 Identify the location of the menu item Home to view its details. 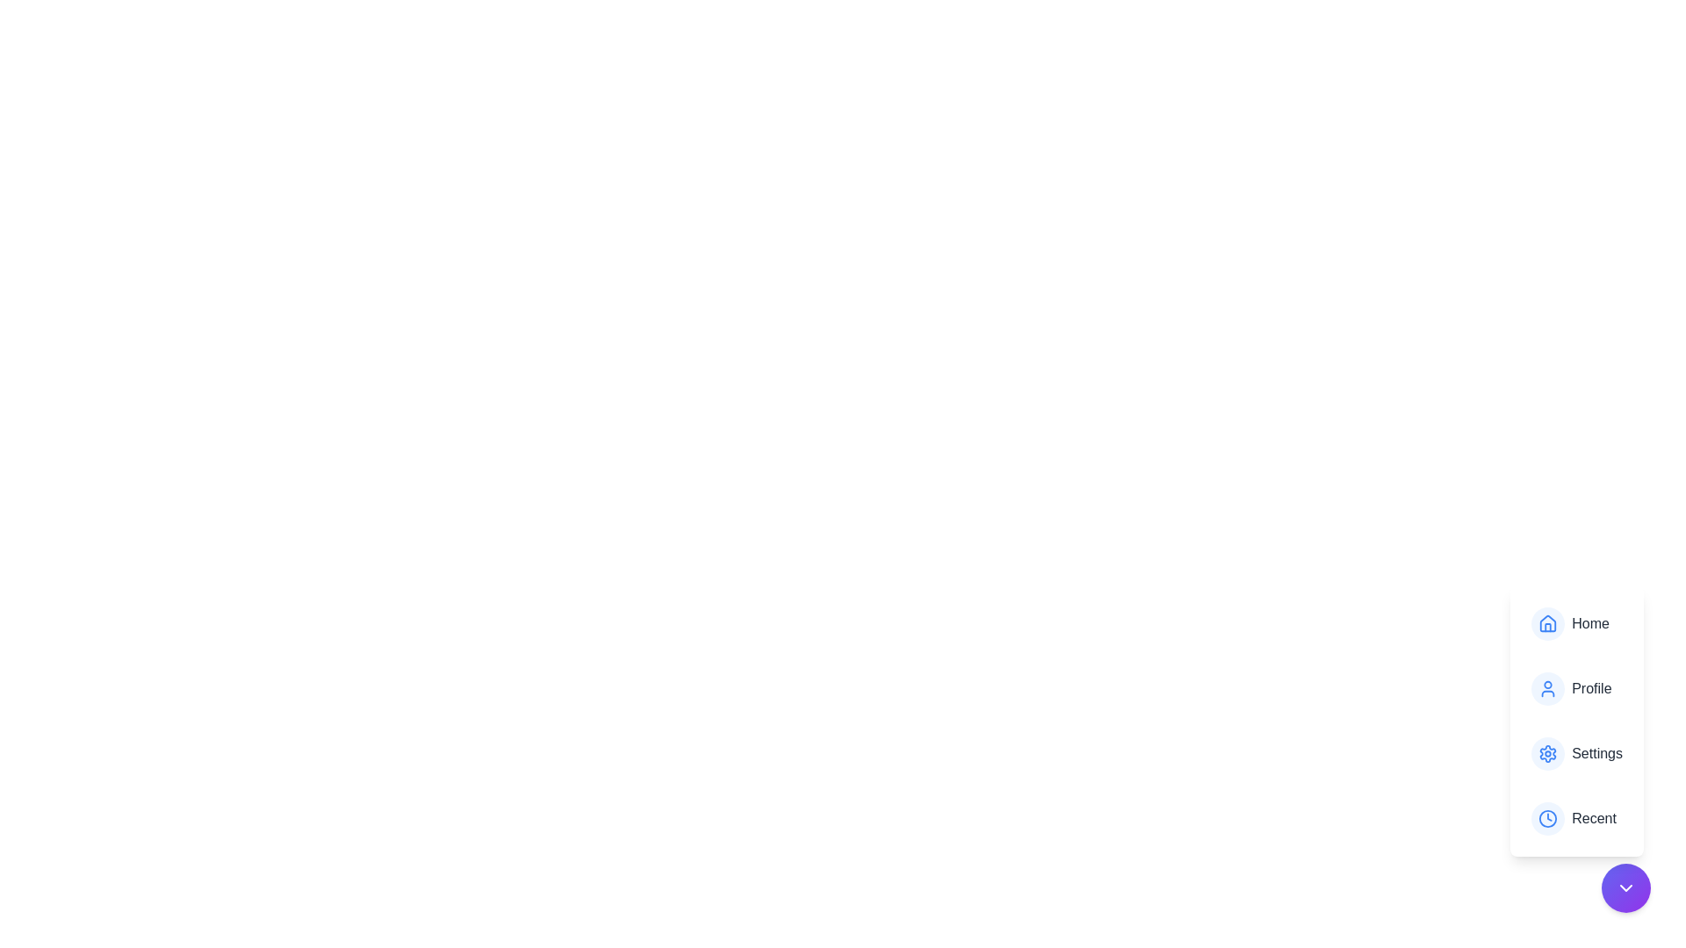
(1576, 622).